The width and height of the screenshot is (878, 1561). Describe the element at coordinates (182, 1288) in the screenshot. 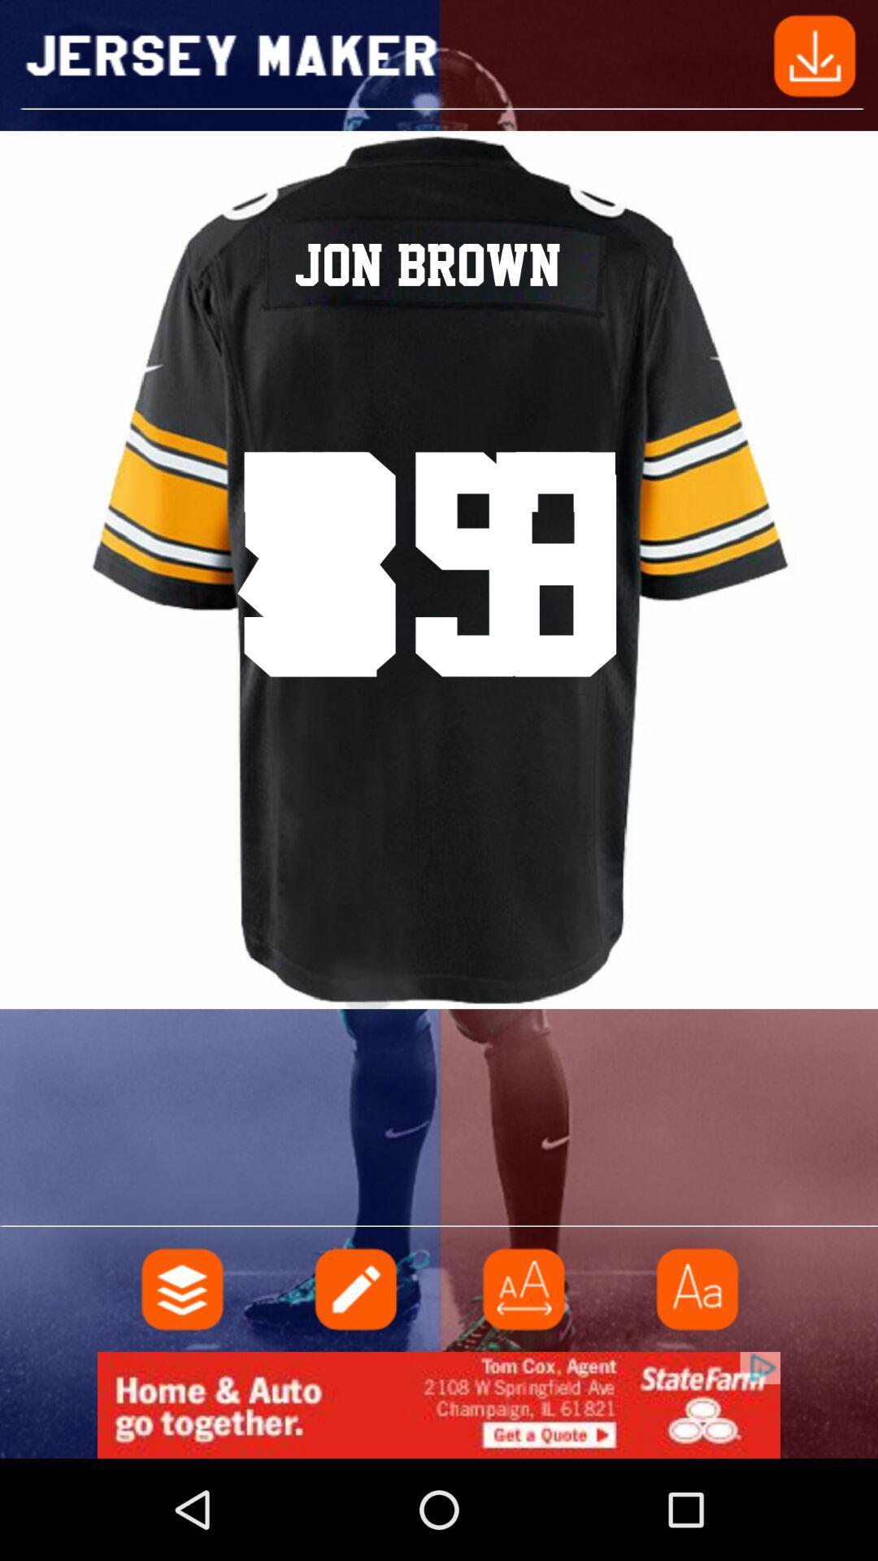

I see `personalization button` at that location.